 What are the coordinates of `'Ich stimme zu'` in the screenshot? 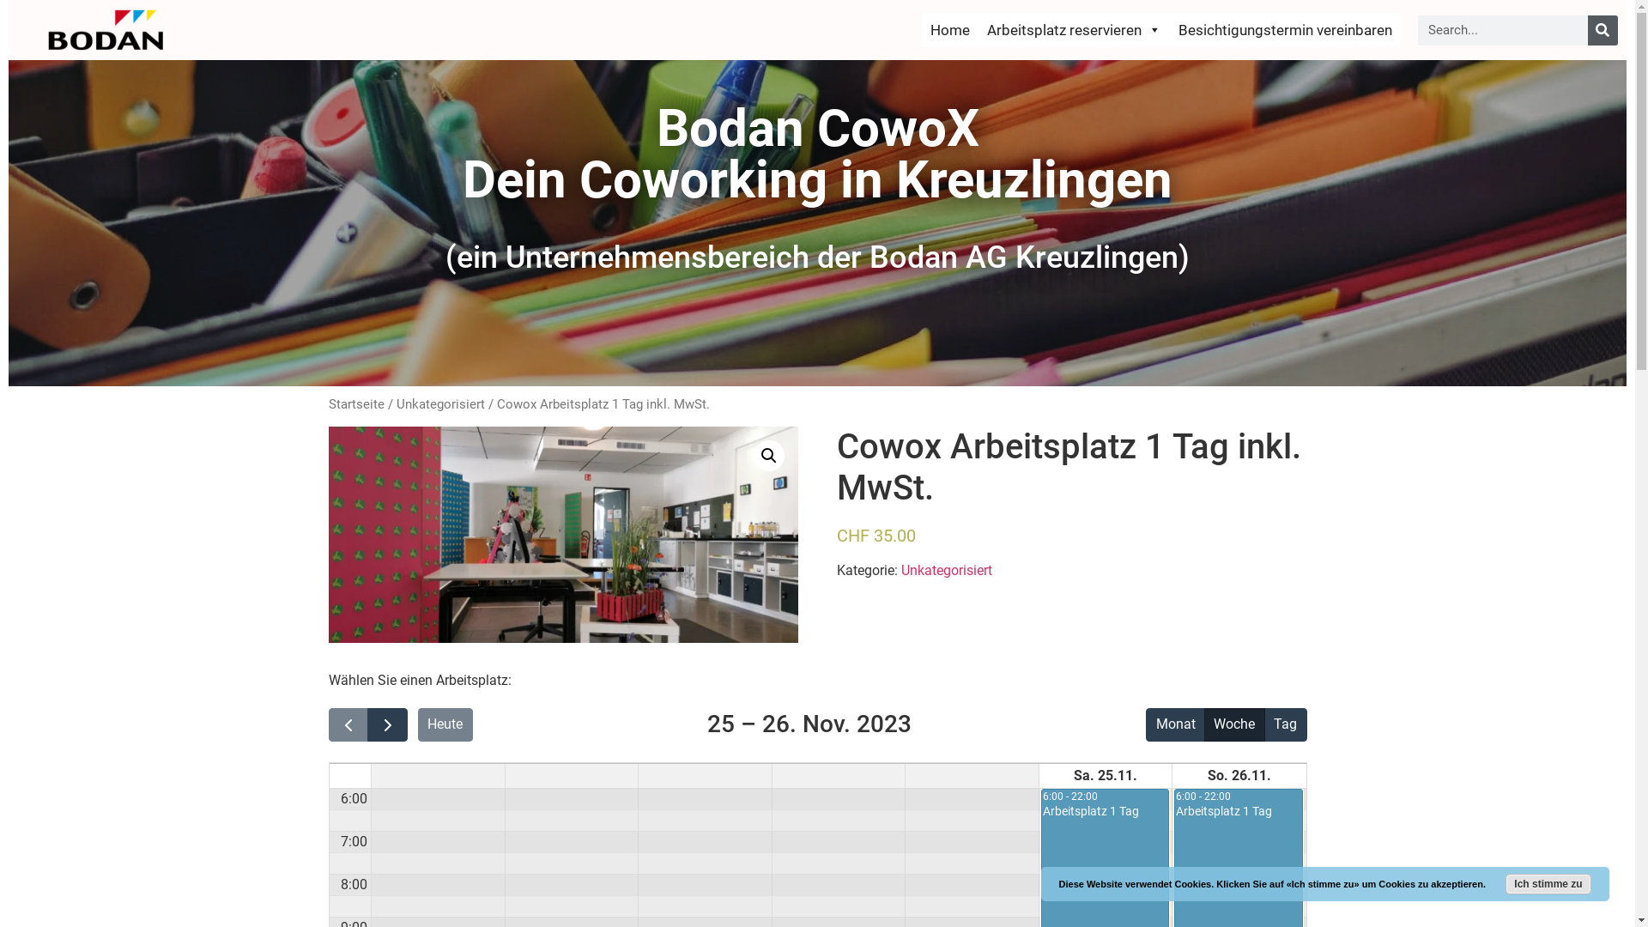 It's located at (1548, 883).